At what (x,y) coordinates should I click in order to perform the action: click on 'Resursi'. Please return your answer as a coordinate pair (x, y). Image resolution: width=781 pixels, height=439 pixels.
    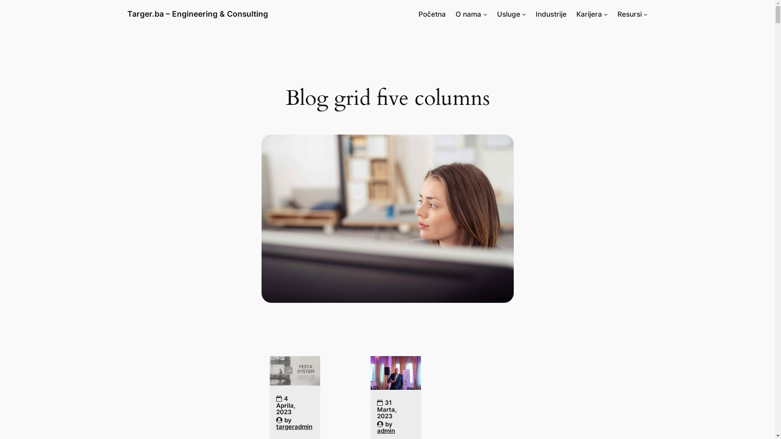
    Looking at the image, I should click on (629, 14).